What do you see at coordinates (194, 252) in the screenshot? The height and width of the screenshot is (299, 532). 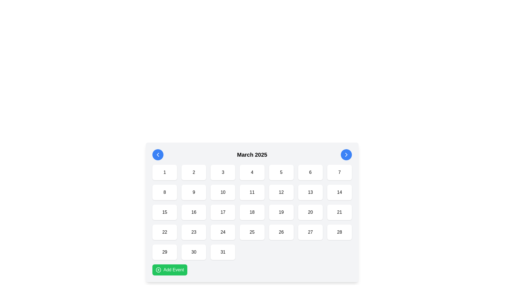 I see `the grid cell displaying the number '30' in the 5th row and 2nd column of a 7-column layout` at bounding box center [194, 252].